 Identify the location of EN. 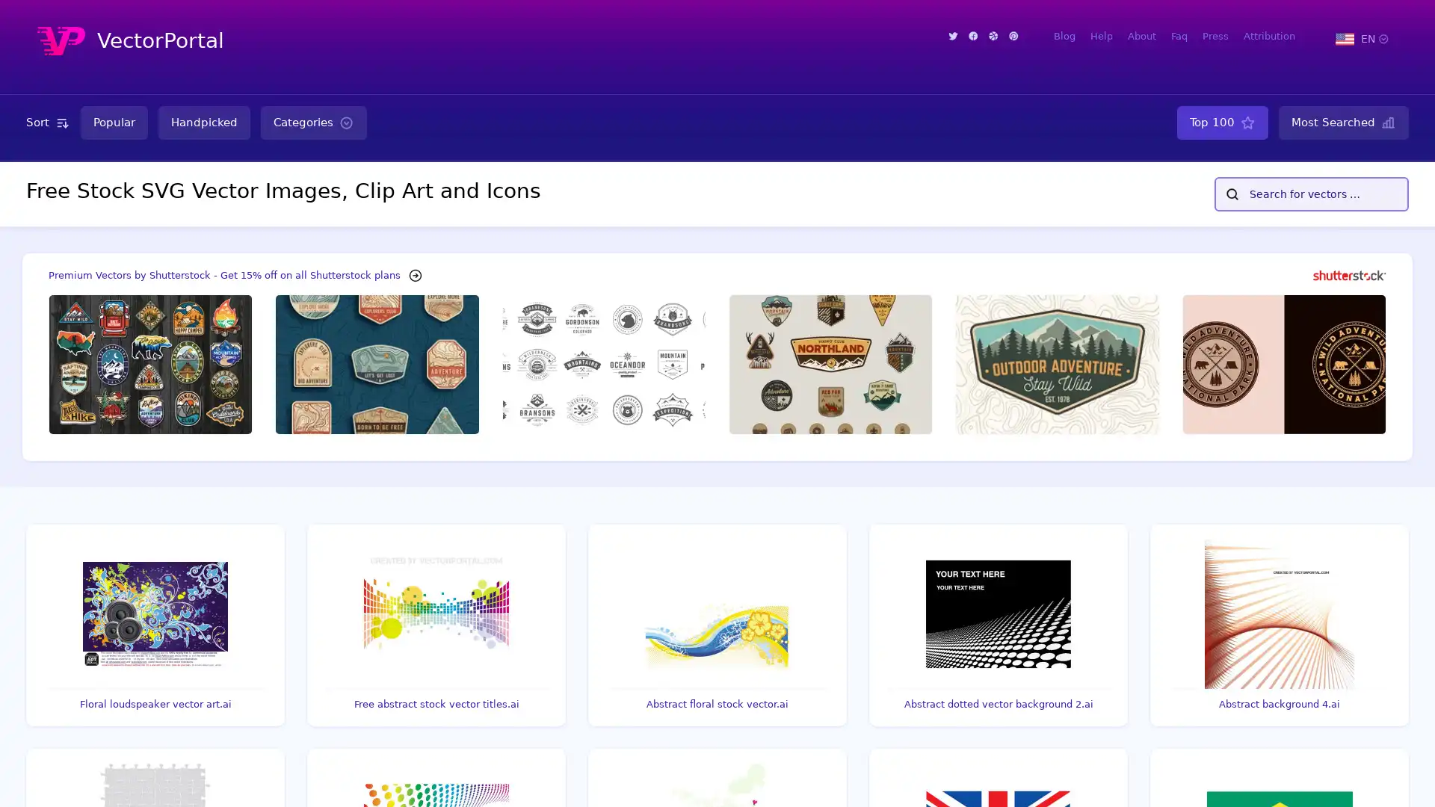
(1361, 37).